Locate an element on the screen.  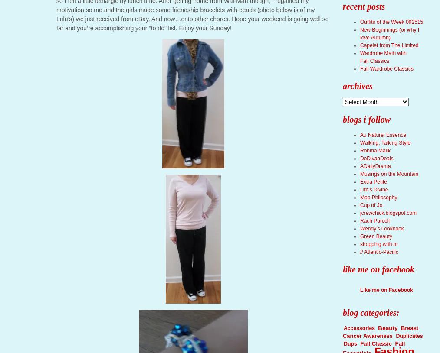
'Wendy's Lookbook' is located at coordinates (360, 229).